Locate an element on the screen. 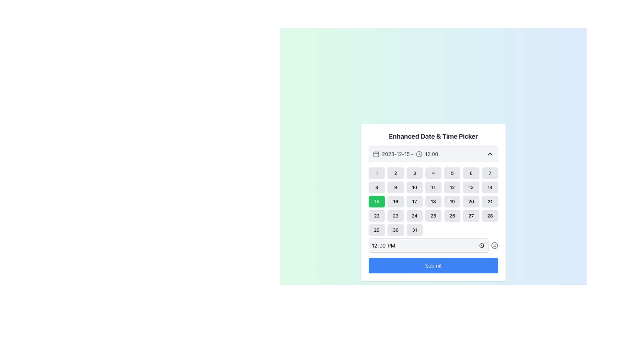  the button representing the date '11' in the Enhanced Date & Time Picker grid is located at coordinates (433, 187).